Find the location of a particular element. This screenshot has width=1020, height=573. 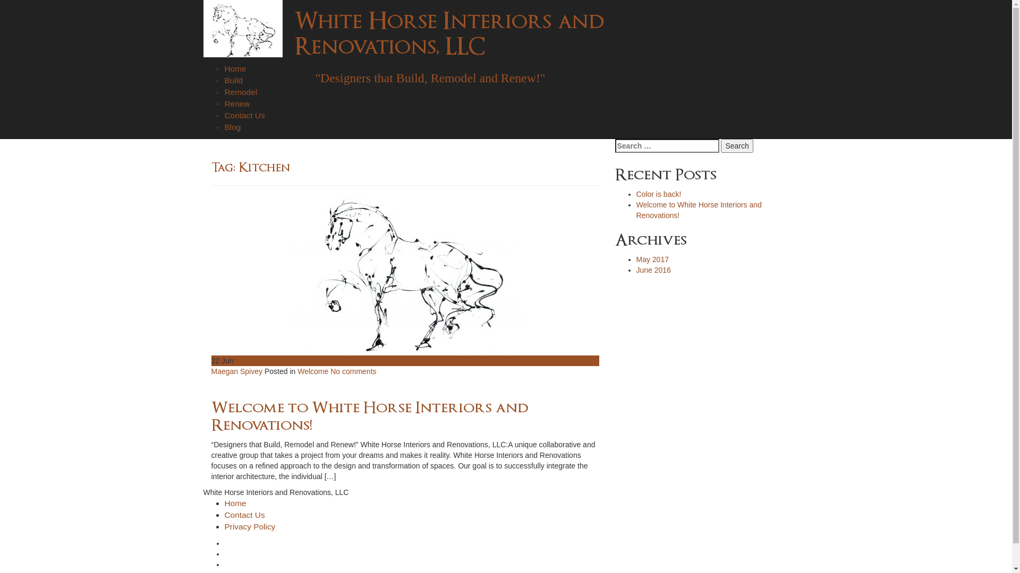

'May 2017' is located at coordinates (652, 259).